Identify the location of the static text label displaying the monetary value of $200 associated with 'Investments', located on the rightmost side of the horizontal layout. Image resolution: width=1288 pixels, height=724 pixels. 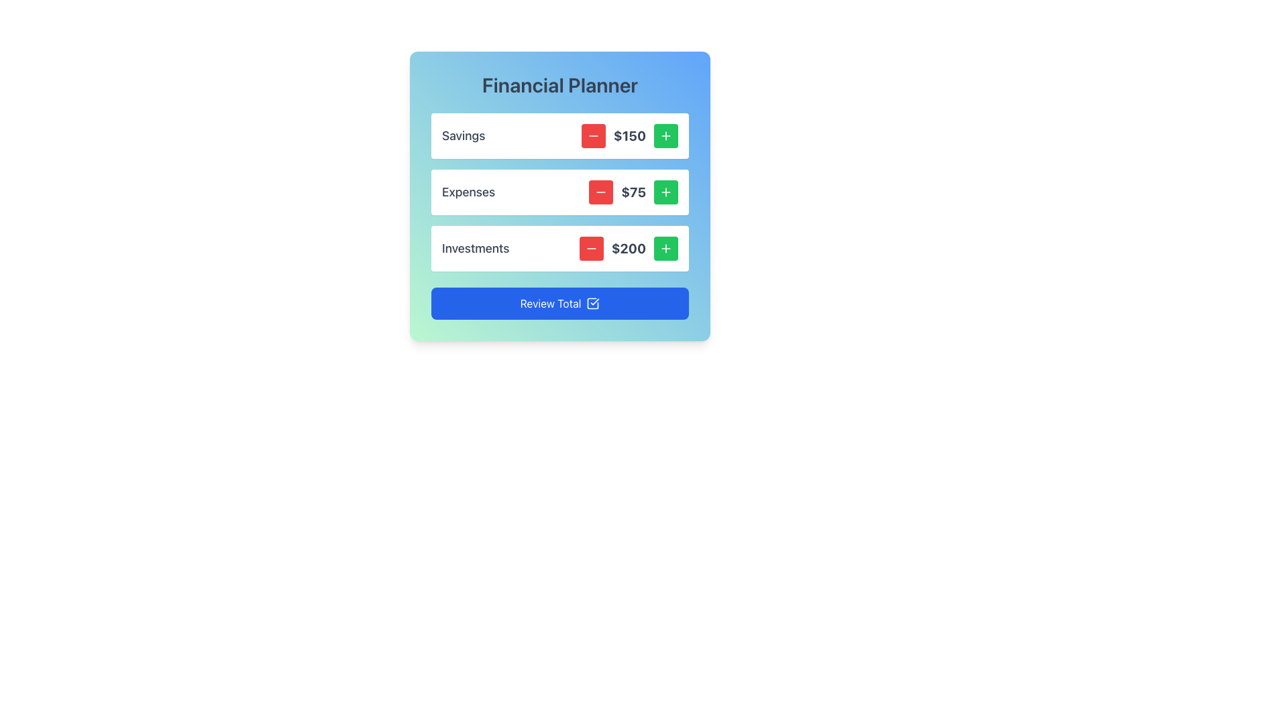
(628, 248).